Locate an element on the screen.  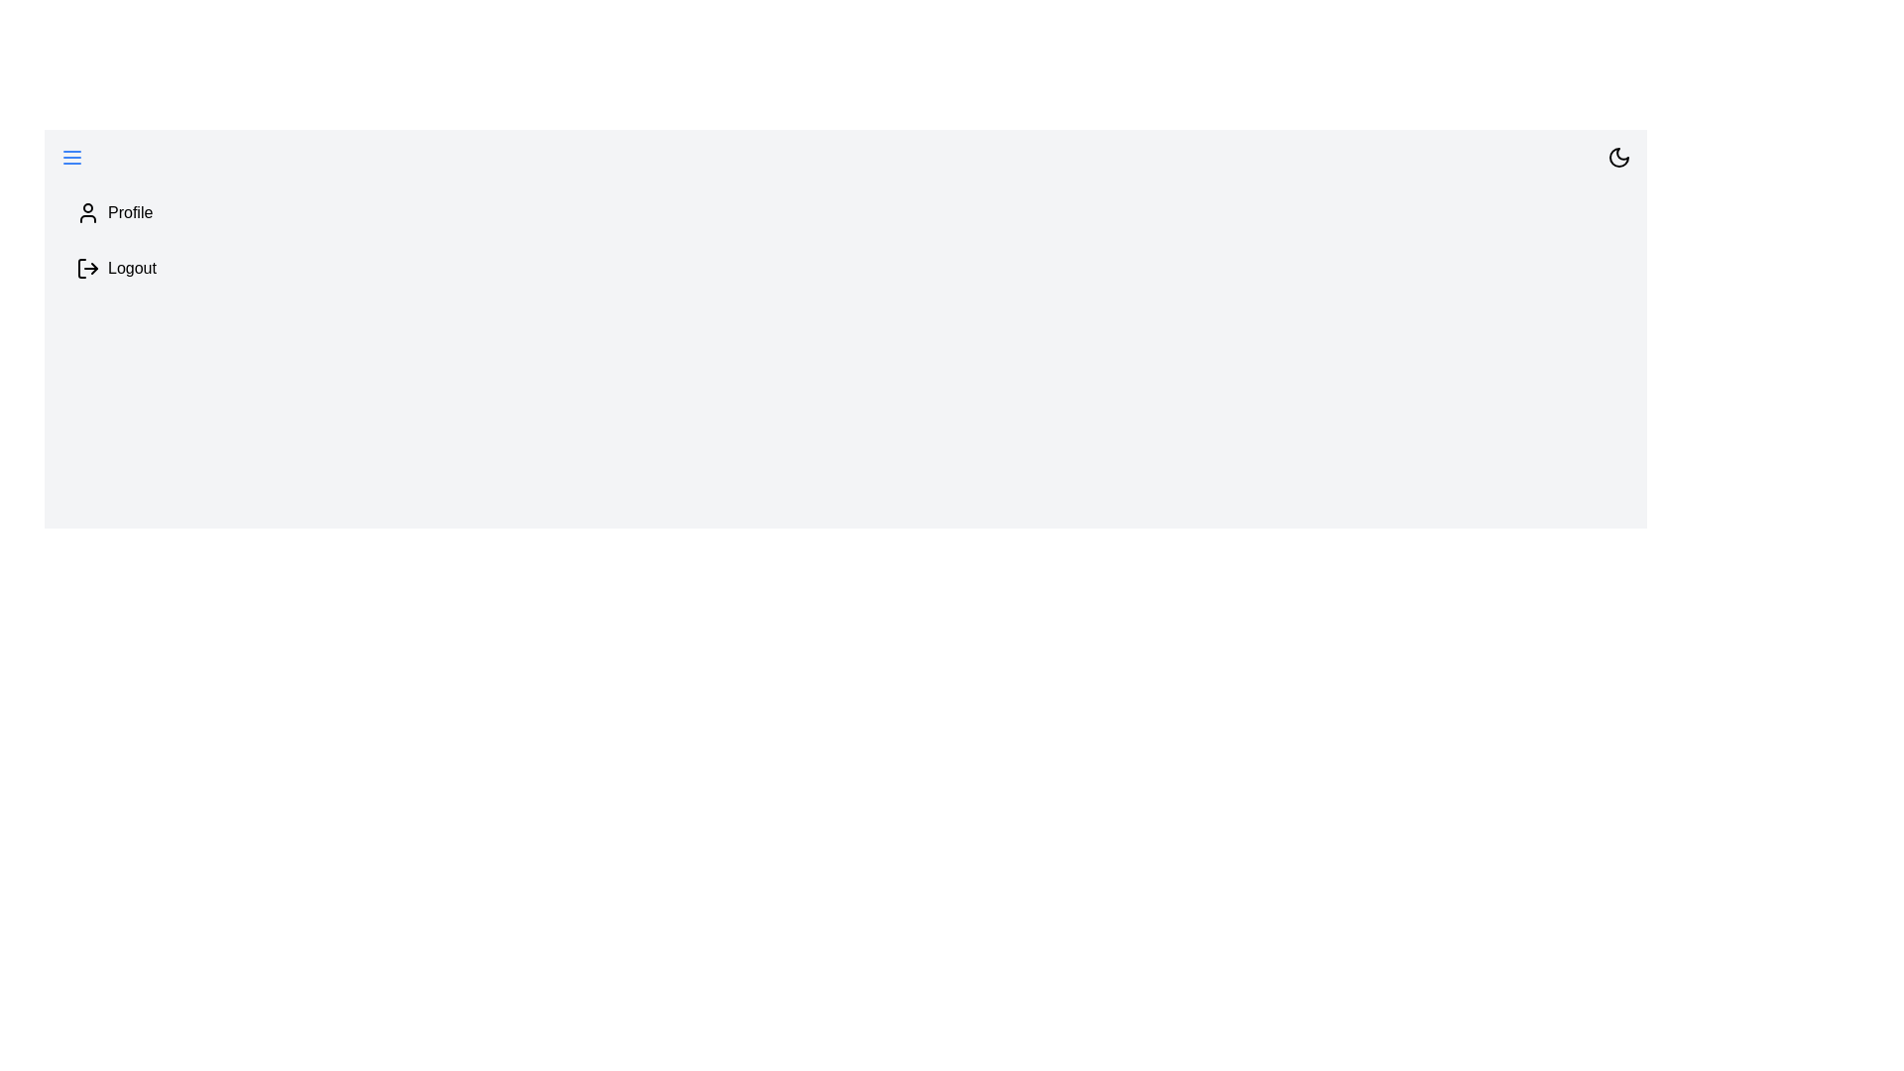
the graphical logout icon is located at coordinates (87, 268).